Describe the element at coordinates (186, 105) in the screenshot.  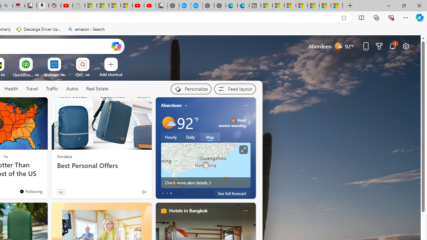
I see `'My location'` at that location.